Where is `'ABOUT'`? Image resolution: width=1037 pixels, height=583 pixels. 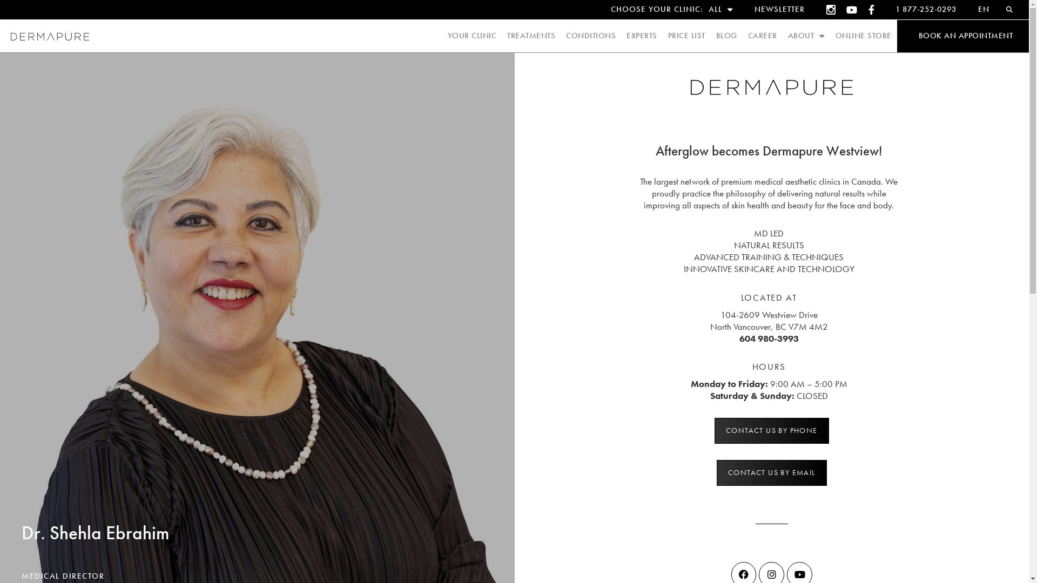 'ABOUT' is located at coordinates (806, 35).